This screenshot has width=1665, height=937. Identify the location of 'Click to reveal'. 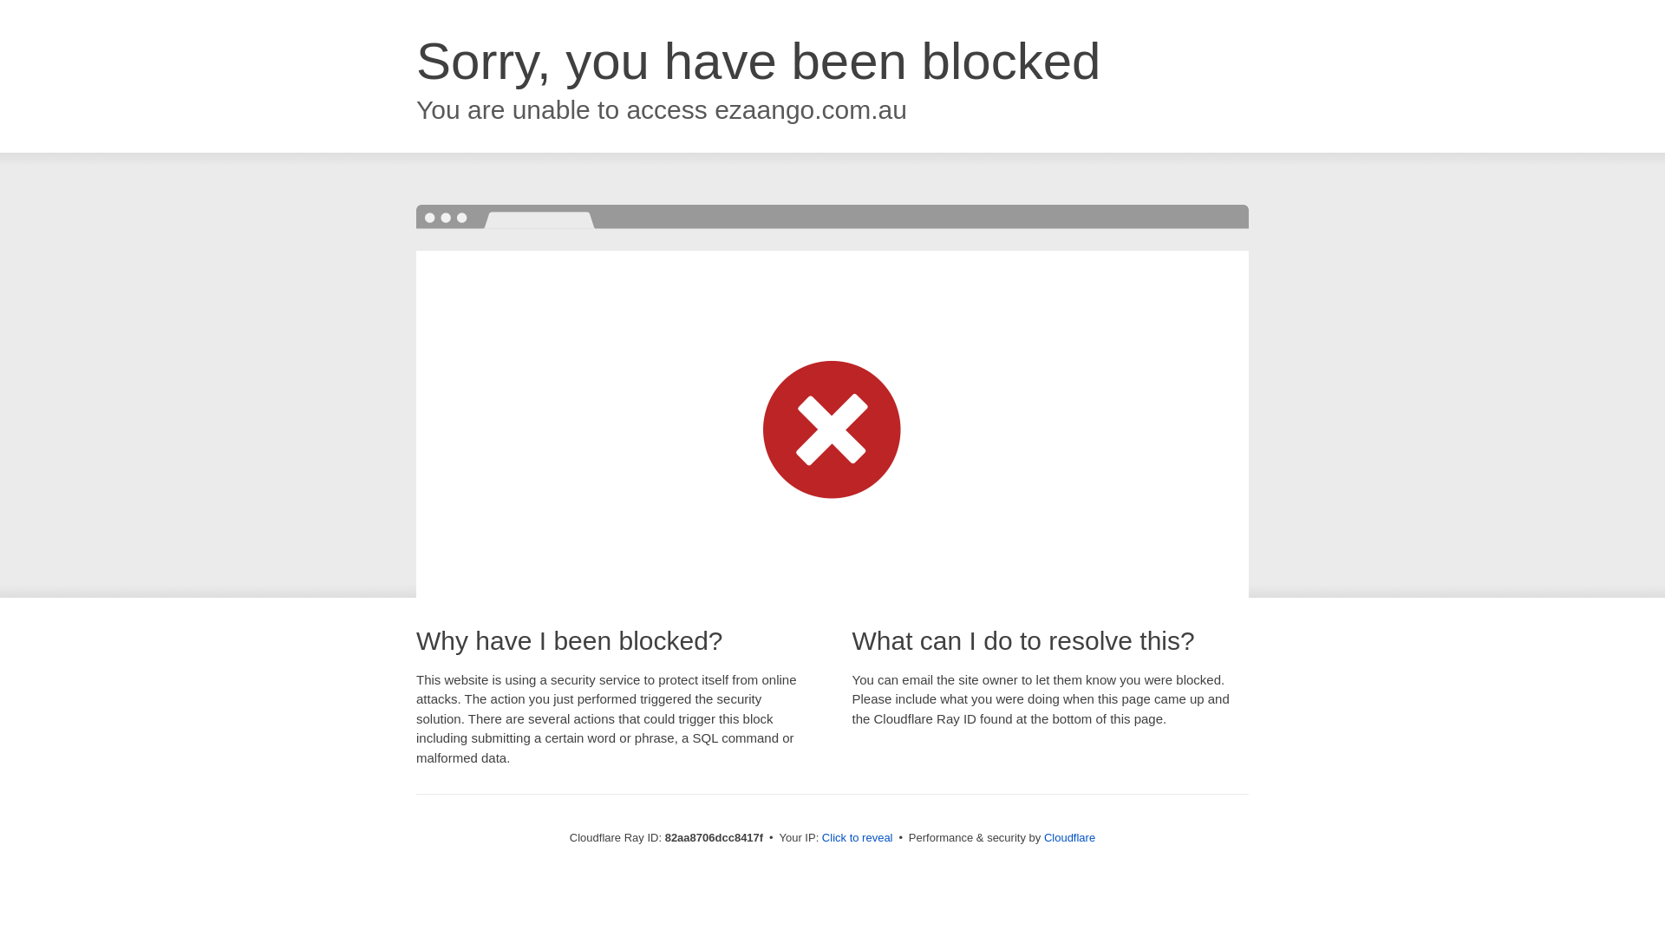
(857, 836).